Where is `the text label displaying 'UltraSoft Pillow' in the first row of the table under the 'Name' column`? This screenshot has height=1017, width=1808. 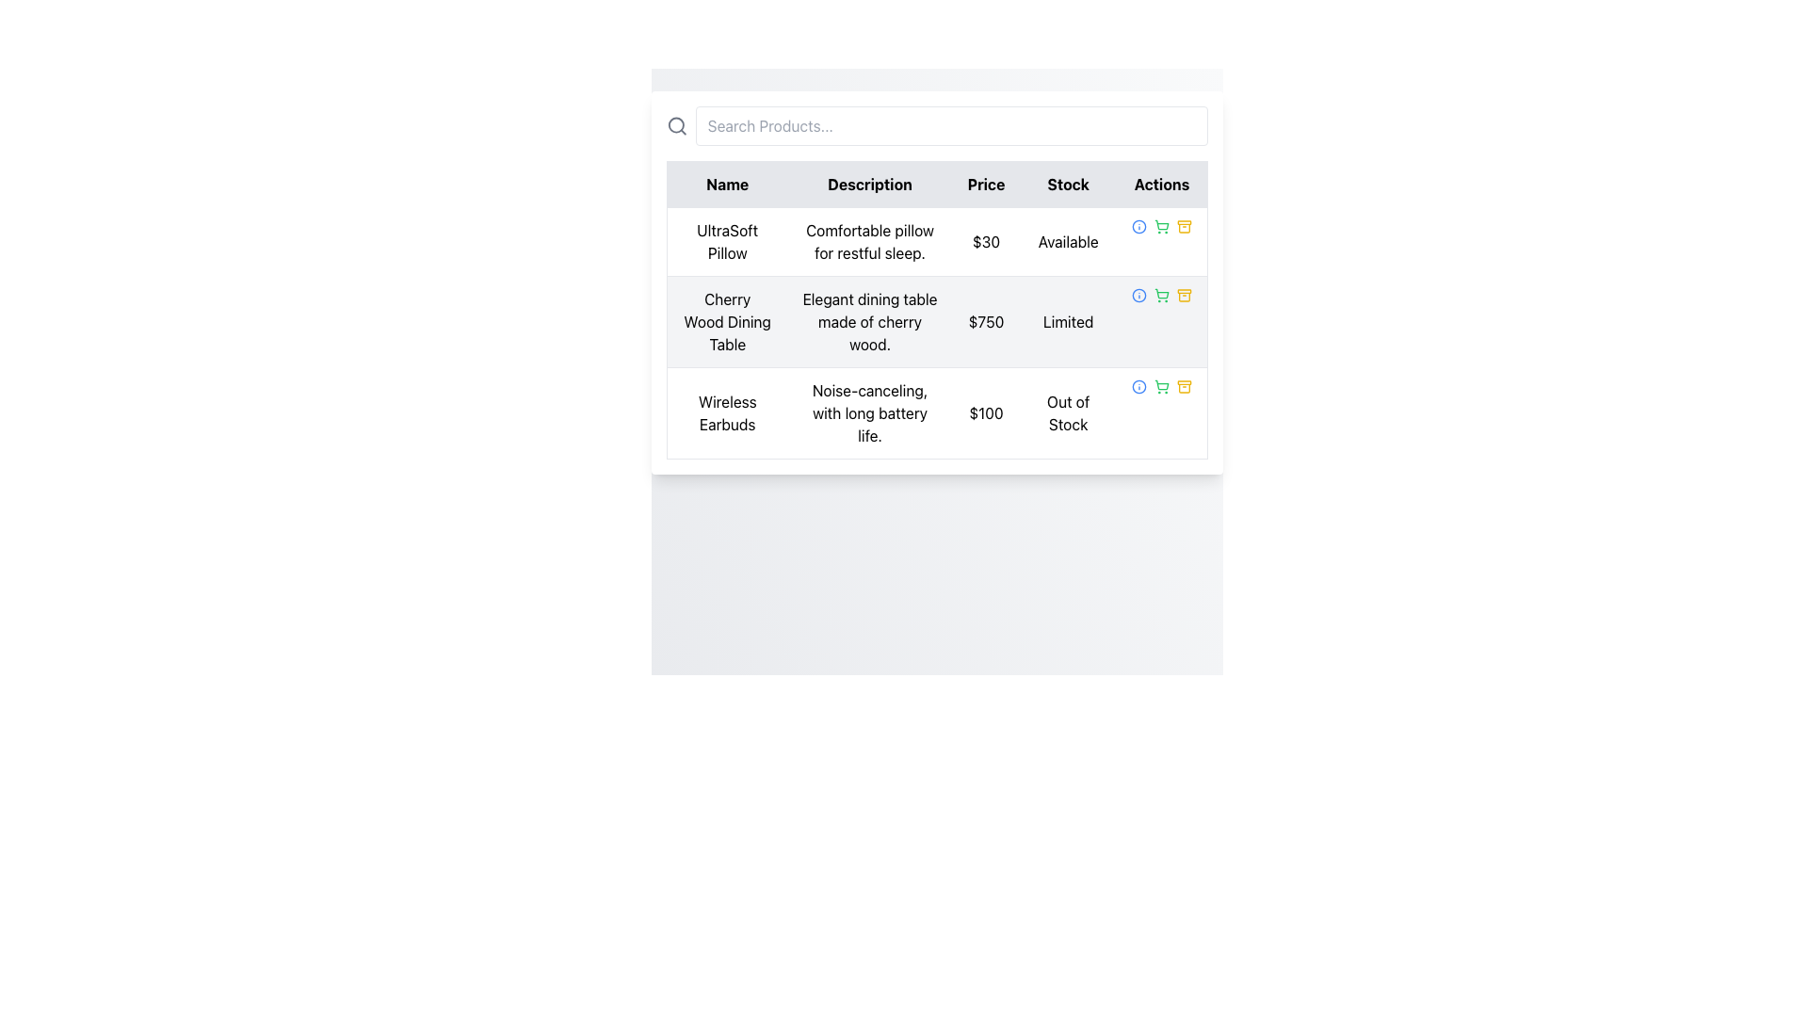 the text label displaying 'UltraSoft Pillow' in the first row of the table under the 'Name' column is located at coordinates (726, 241).